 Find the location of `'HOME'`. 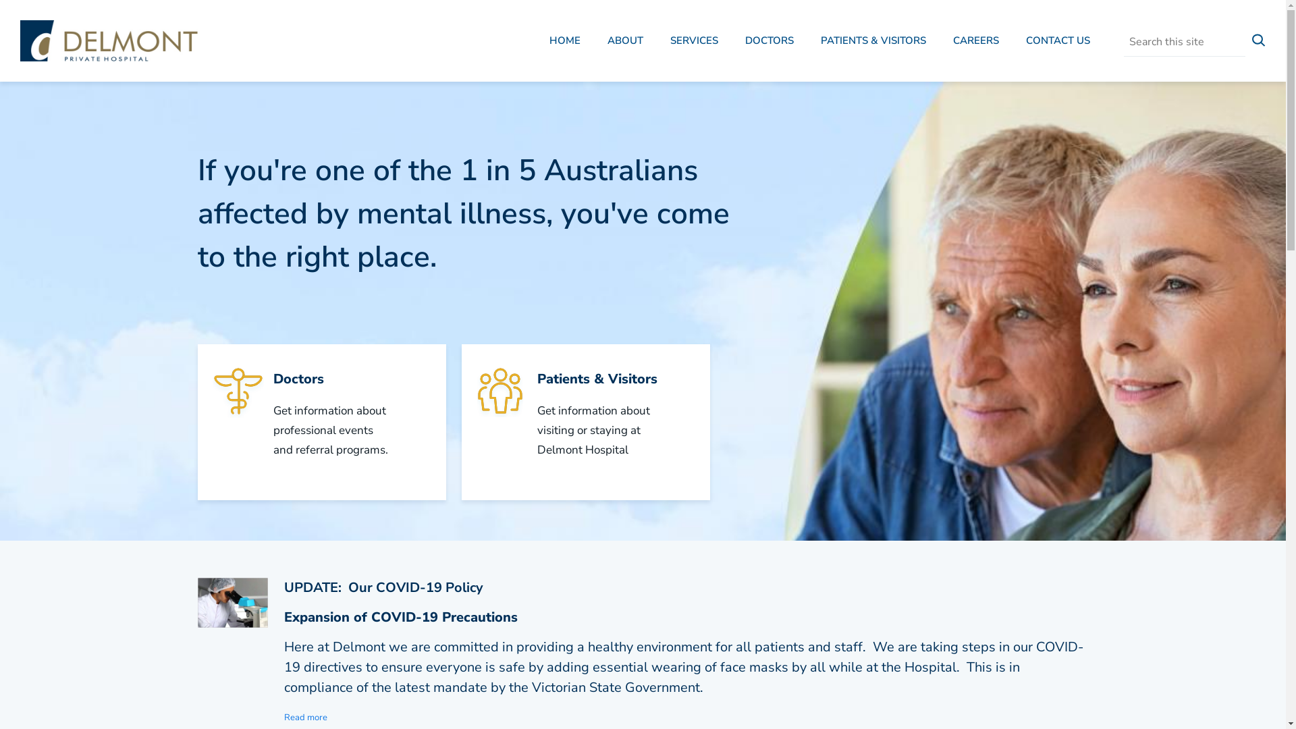

'HOME' is located at coordinates (564, 41).